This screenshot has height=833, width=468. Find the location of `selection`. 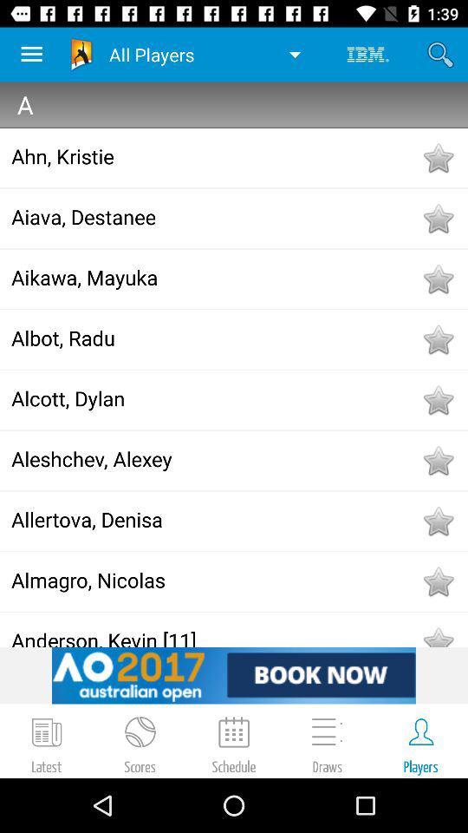

selection is located at coordinates (437, 400).